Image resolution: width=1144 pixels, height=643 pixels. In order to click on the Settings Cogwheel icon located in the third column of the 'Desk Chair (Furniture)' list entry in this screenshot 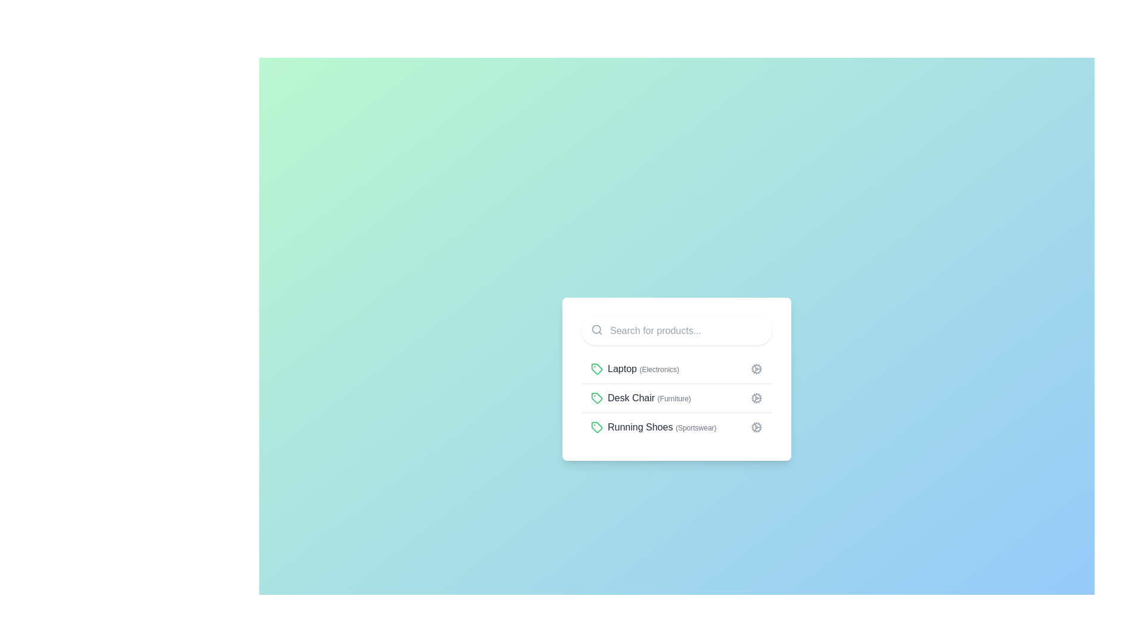, I will do `click(756, 398)`.